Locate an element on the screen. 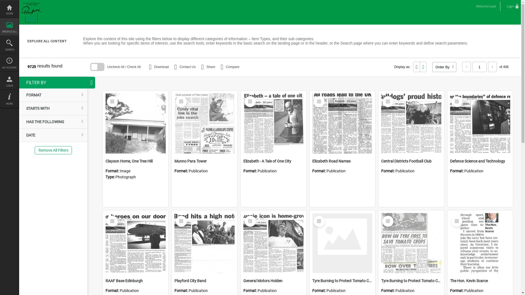 This screenshot has height=295, width=525. 'Tyre Burning to Protect Tomato Crops' is located at coordinates (342, 281).